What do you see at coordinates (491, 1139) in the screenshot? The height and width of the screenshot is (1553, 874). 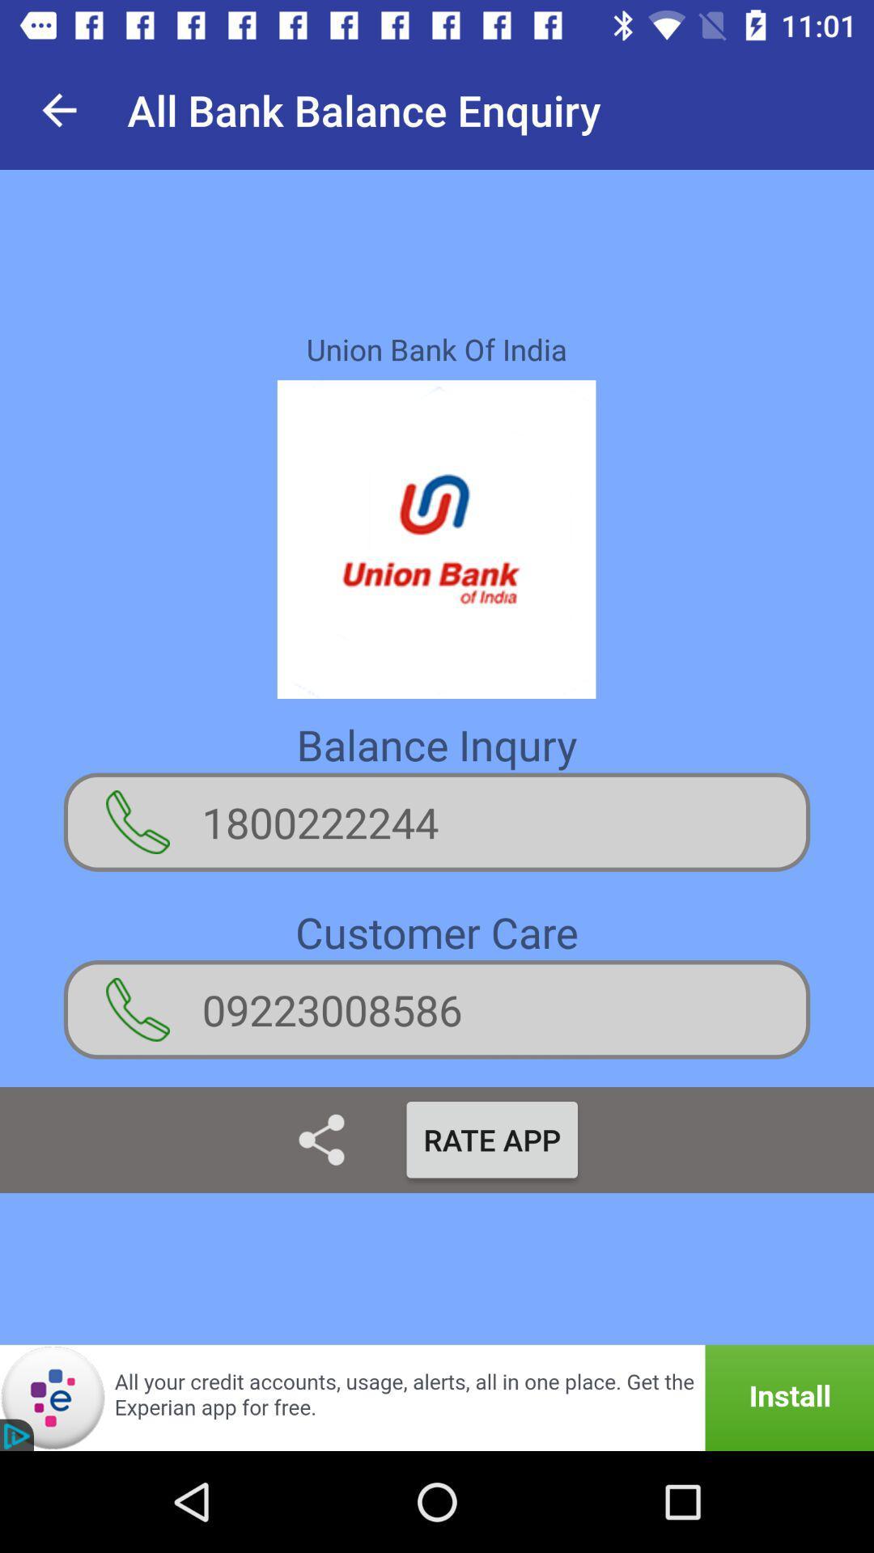 I see `rate app button` at bounding box center [491, 1139].